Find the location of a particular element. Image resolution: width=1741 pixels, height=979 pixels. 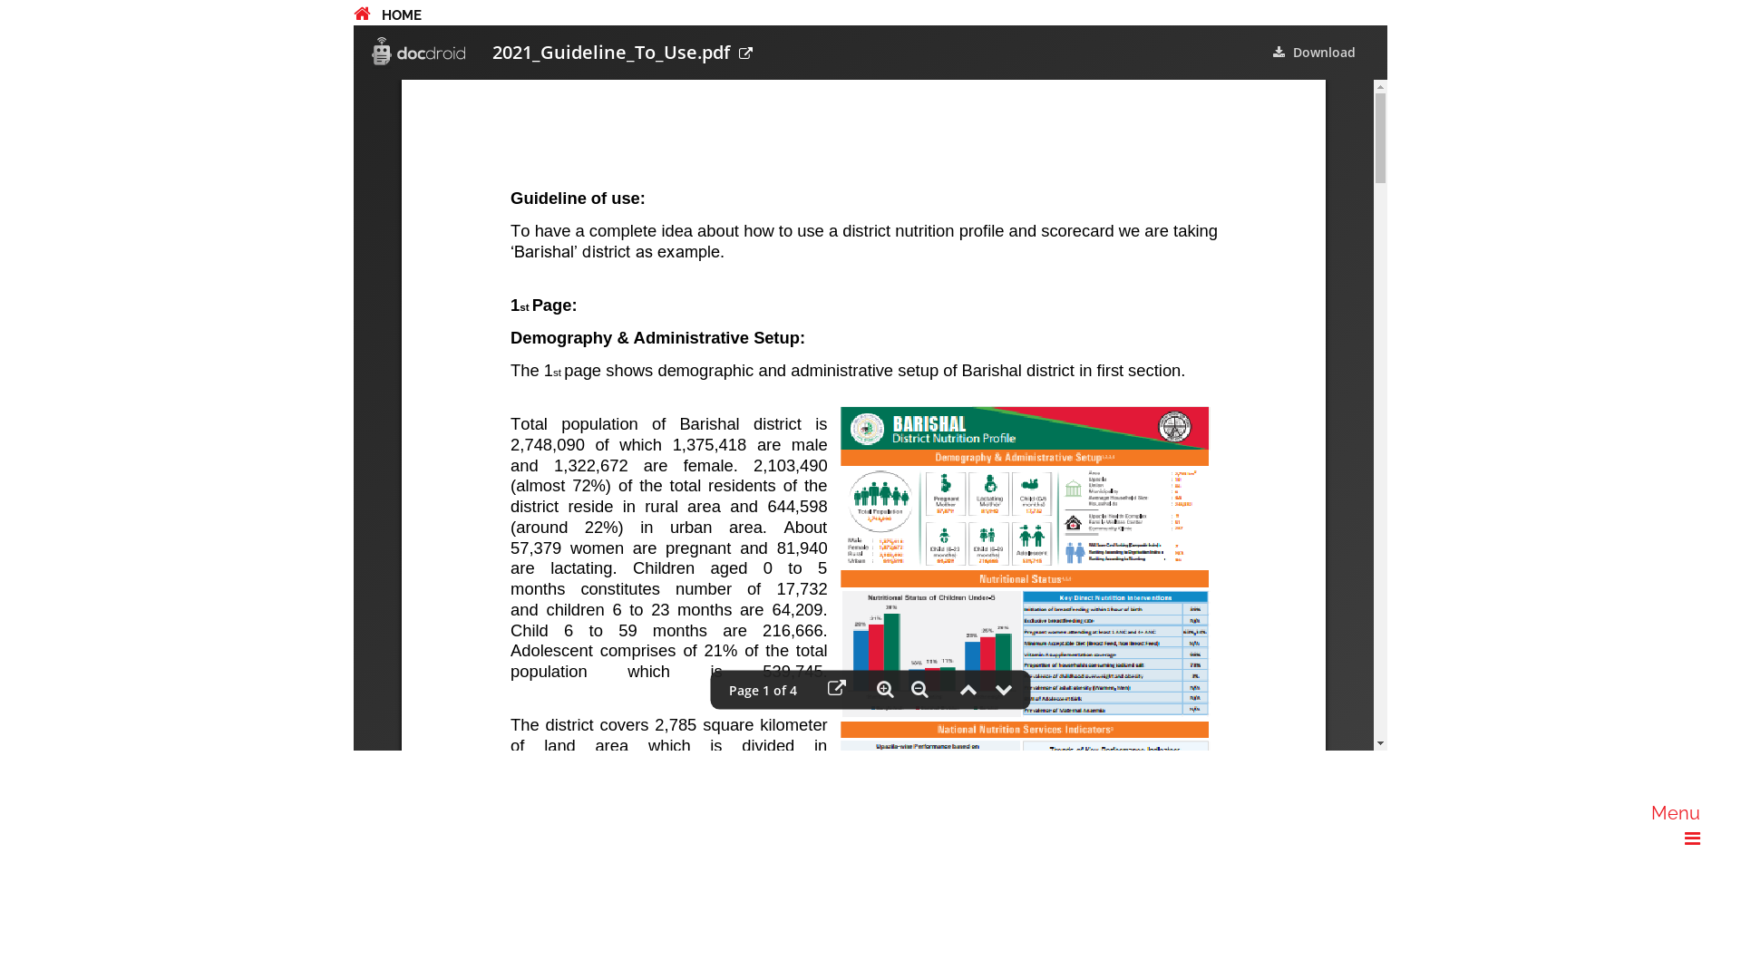

'HOME' is located at coordinates (386, 15).